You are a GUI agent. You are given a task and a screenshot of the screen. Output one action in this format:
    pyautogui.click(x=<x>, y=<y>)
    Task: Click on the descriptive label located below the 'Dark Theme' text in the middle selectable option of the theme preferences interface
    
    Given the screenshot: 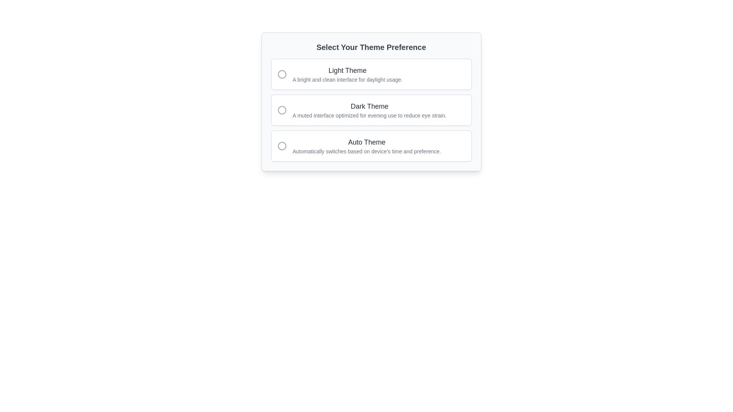 What is the action you would take?
    pyautogui.click(x=370, y=116)
    